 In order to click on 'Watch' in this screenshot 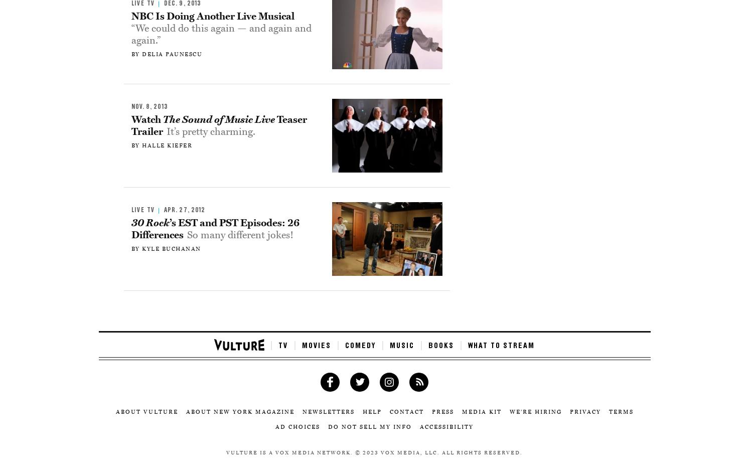, I will do `click(146, 119)`.